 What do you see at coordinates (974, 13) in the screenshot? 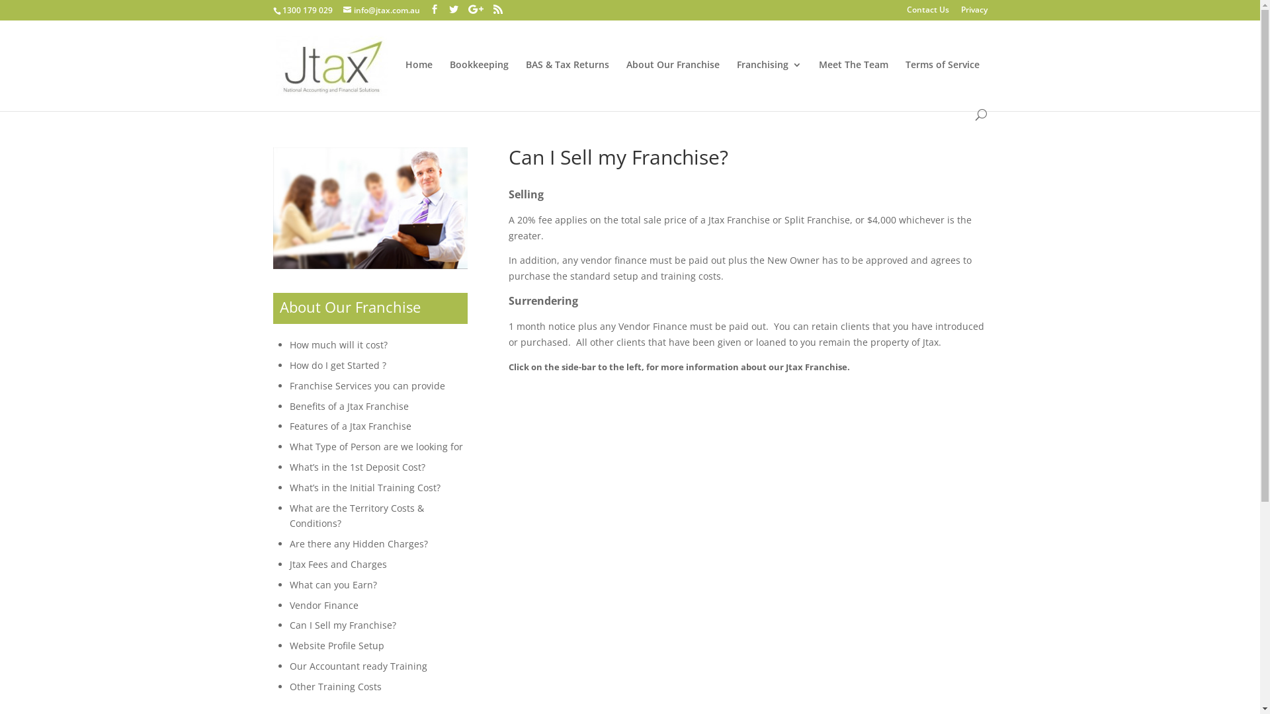
I see `'Privacy'` at bounding box center [974, 13].